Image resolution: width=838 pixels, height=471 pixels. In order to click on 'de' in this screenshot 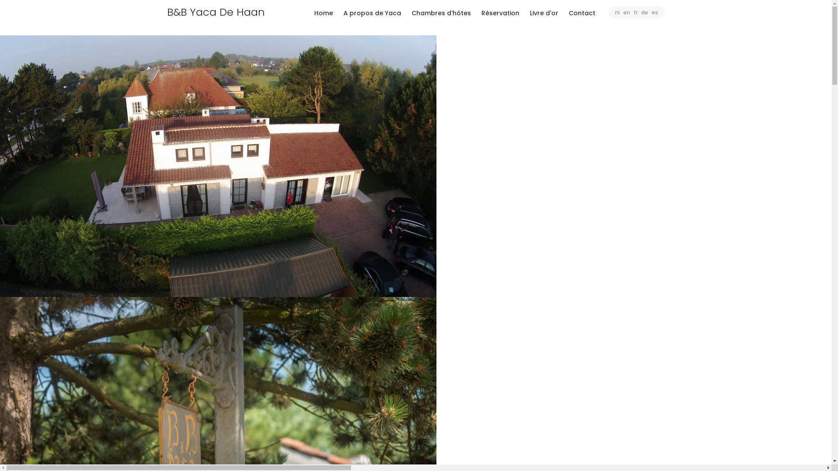, I will do `click(644, 12)`.